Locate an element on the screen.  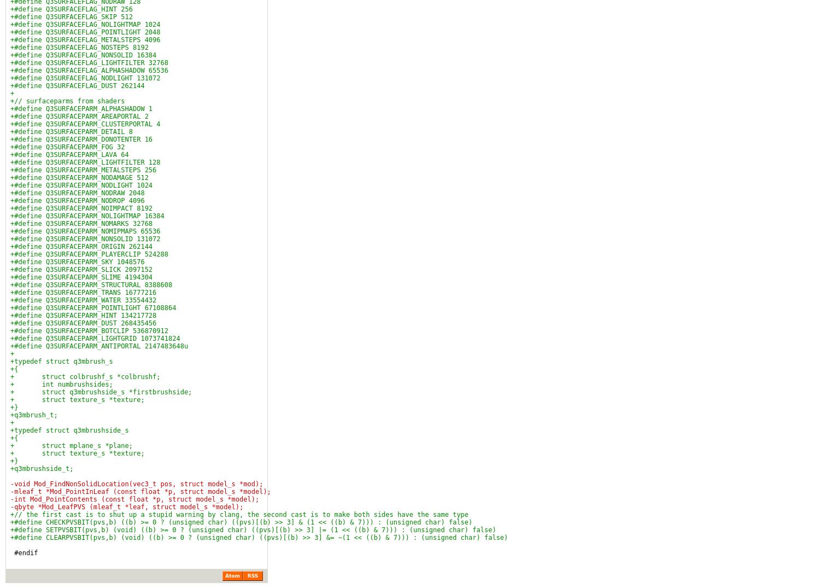
'+#define Q3SURFACEPARM_WATER 33554432' is located at coordinates (83, 300).